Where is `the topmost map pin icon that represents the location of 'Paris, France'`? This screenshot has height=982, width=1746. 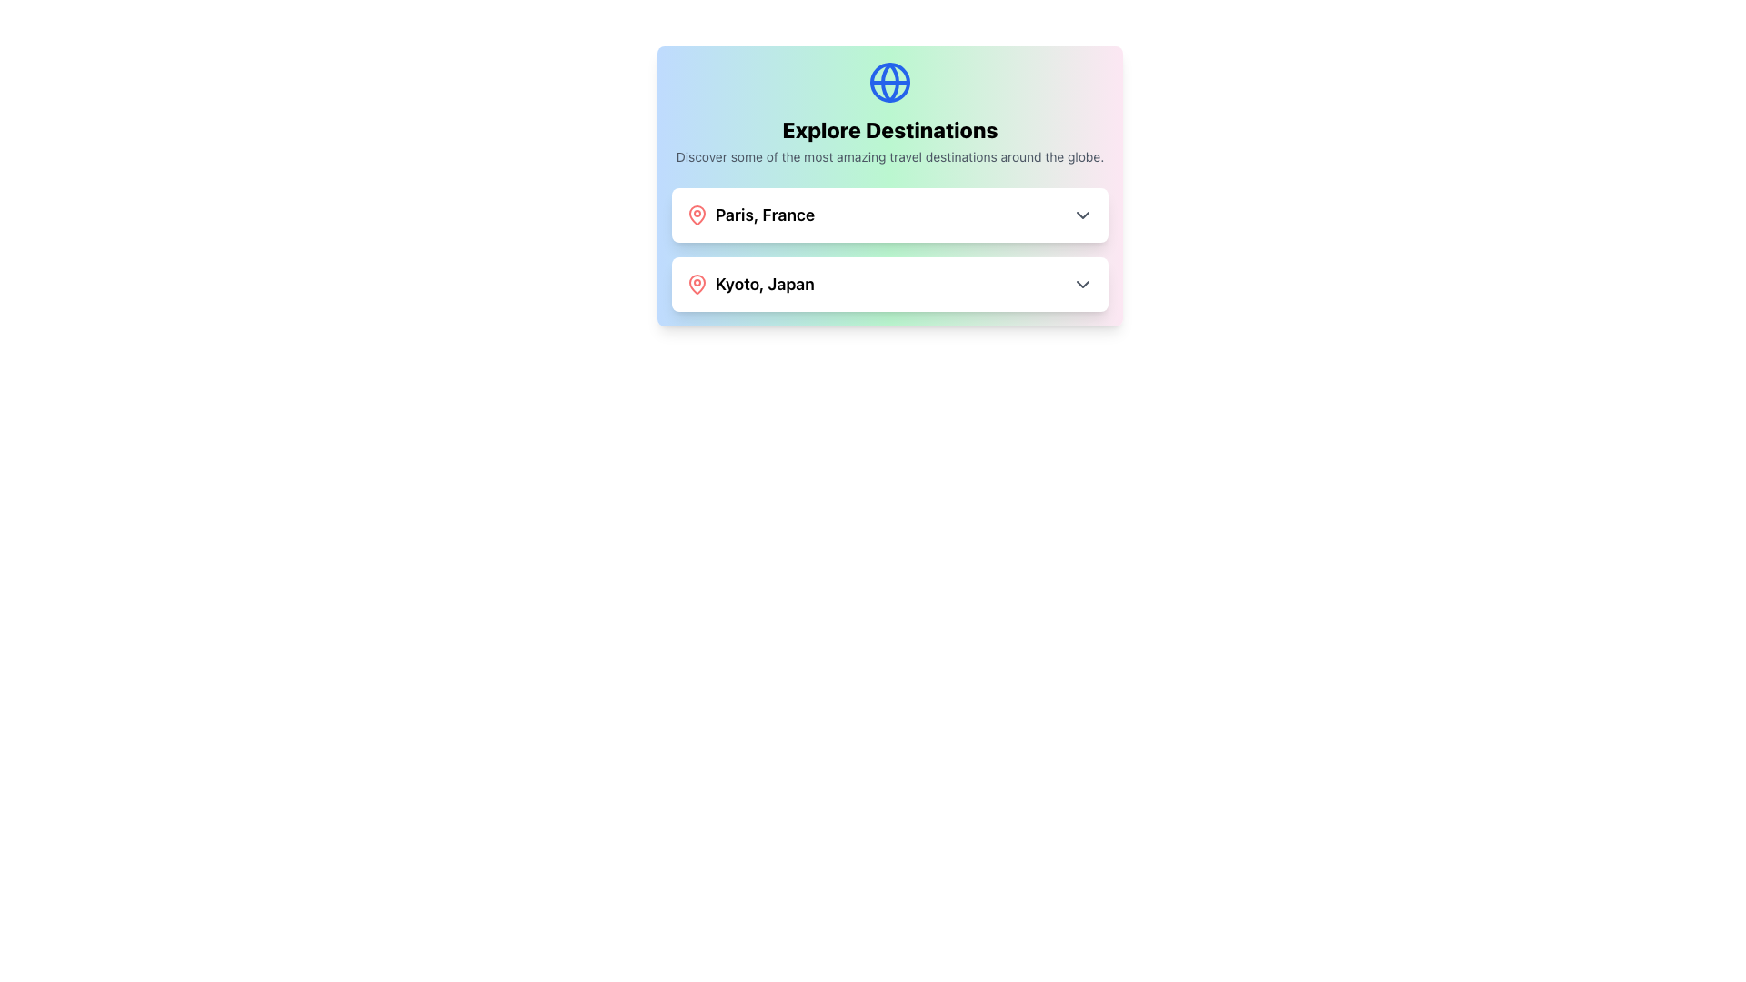
the topmost map pin icon that represents the location of 'Paris, France' is located at coordinates (697, 213).